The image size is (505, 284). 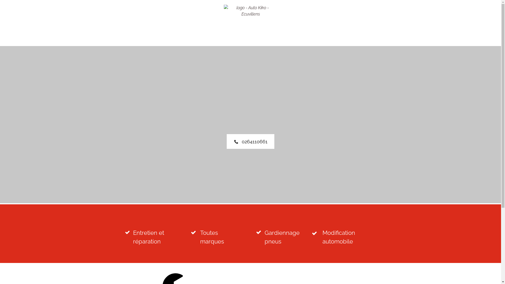 I want to click on '0264110661', so click(x=250, y=141).